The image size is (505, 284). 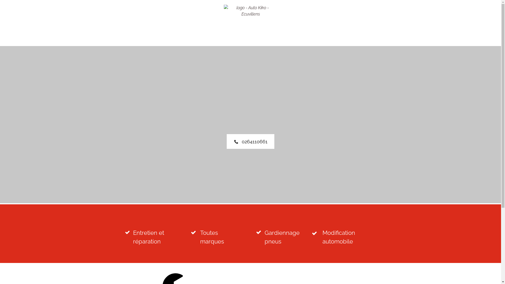 I want to click on '0264110661', so click(x=250, y=141).